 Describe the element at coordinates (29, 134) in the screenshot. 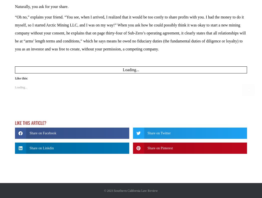

I see `'Share on Linkdin'` at that location.